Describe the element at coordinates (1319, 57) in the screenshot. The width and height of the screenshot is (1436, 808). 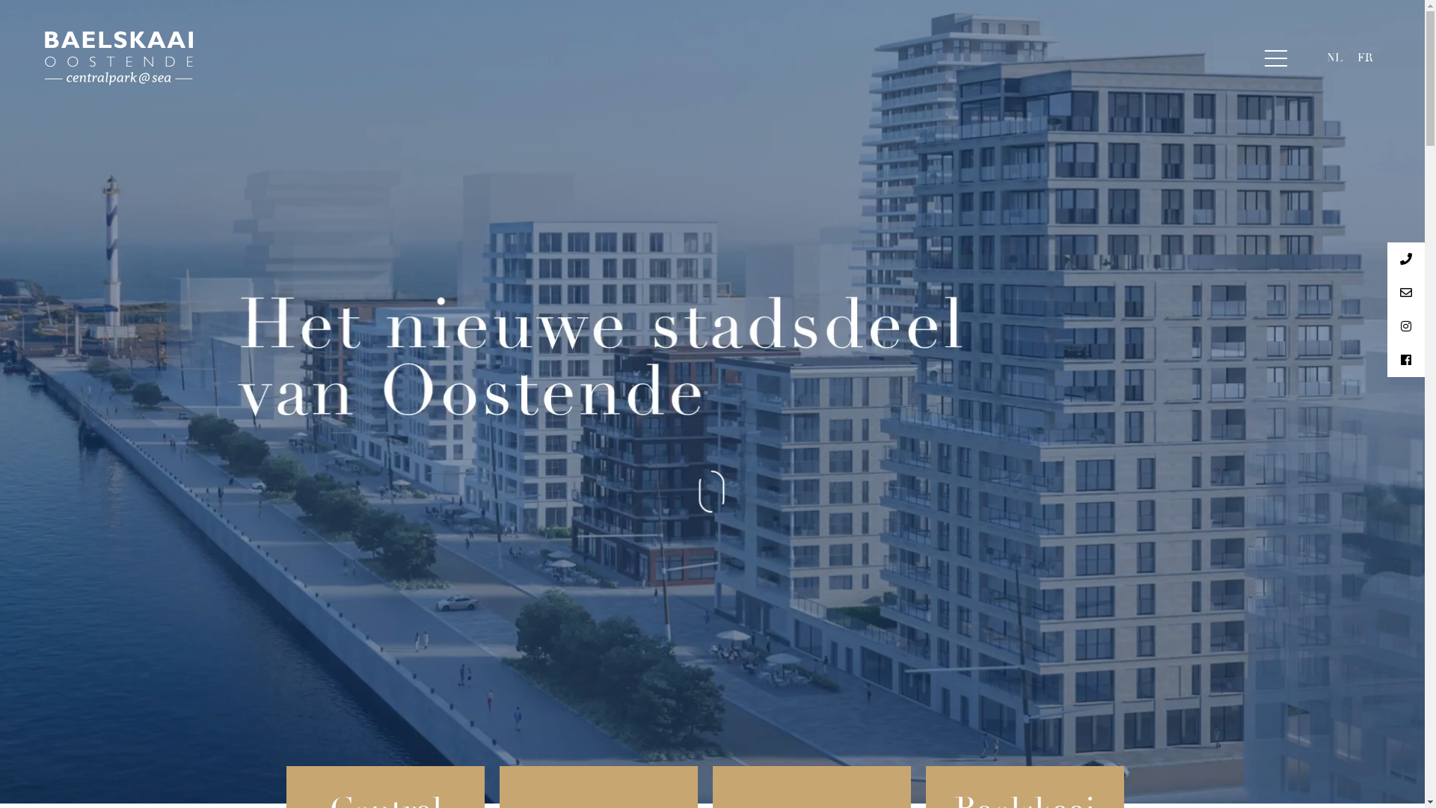
I see `'NL'` at that location.